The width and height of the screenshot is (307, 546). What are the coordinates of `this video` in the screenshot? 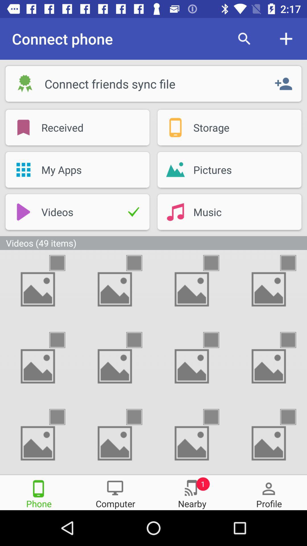 It's located at (216, 417).